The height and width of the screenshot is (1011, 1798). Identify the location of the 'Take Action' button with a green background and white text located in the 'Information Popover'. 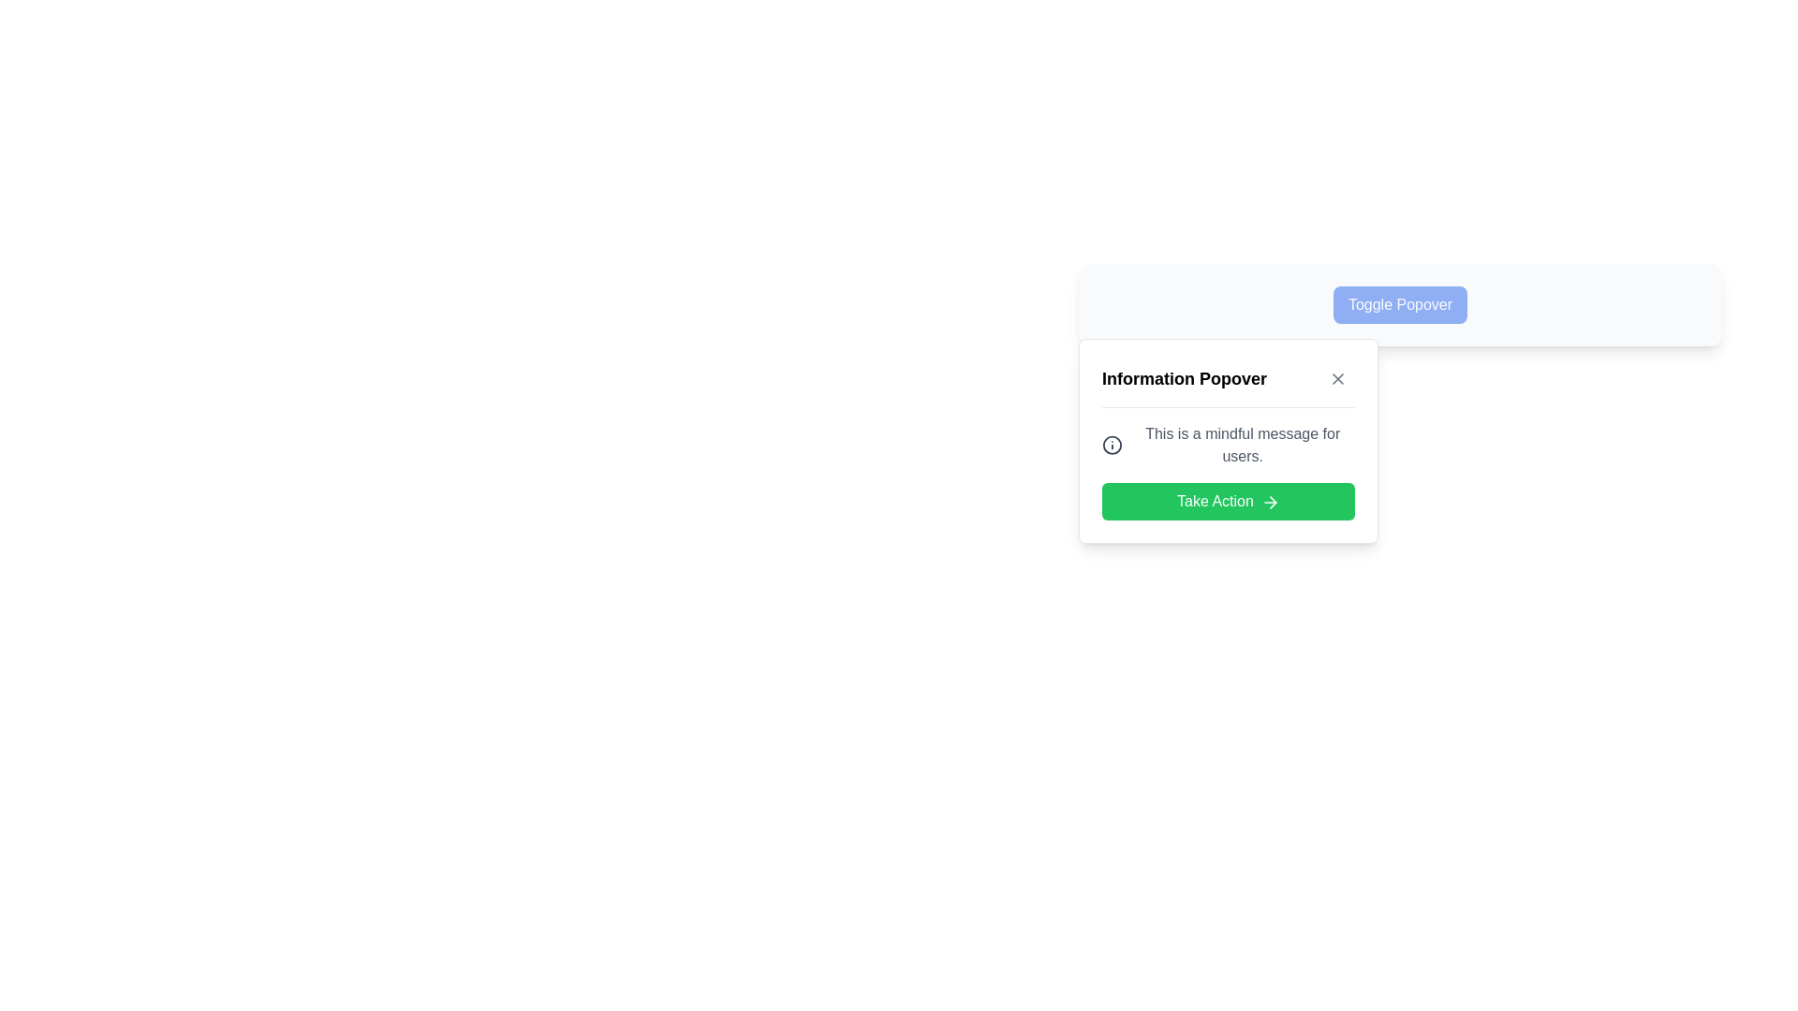
(1228, 501).